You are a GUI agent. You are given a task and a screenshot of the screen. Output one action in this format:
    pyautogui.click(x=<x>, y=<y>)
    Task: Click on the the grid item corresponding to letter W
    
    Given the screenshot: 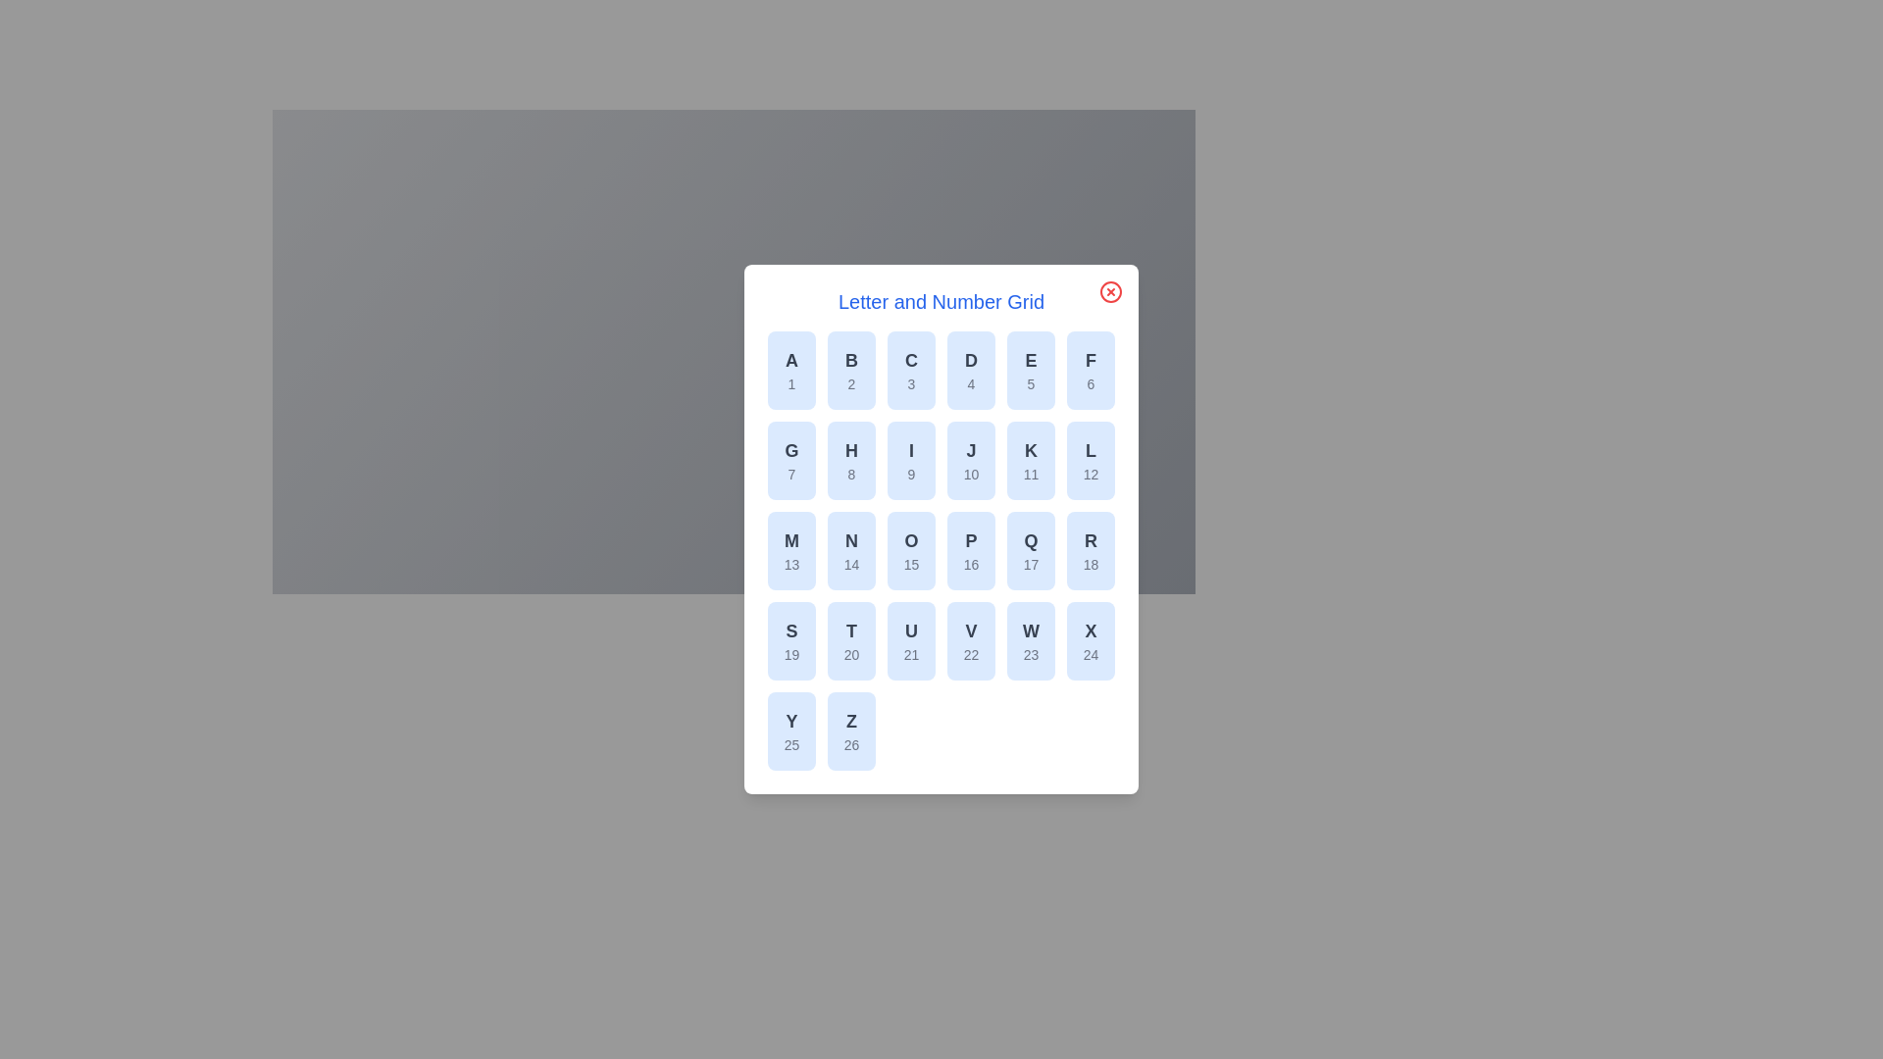 What is the action you would take?
    pyautogui.click(x=1030, y=641)
    